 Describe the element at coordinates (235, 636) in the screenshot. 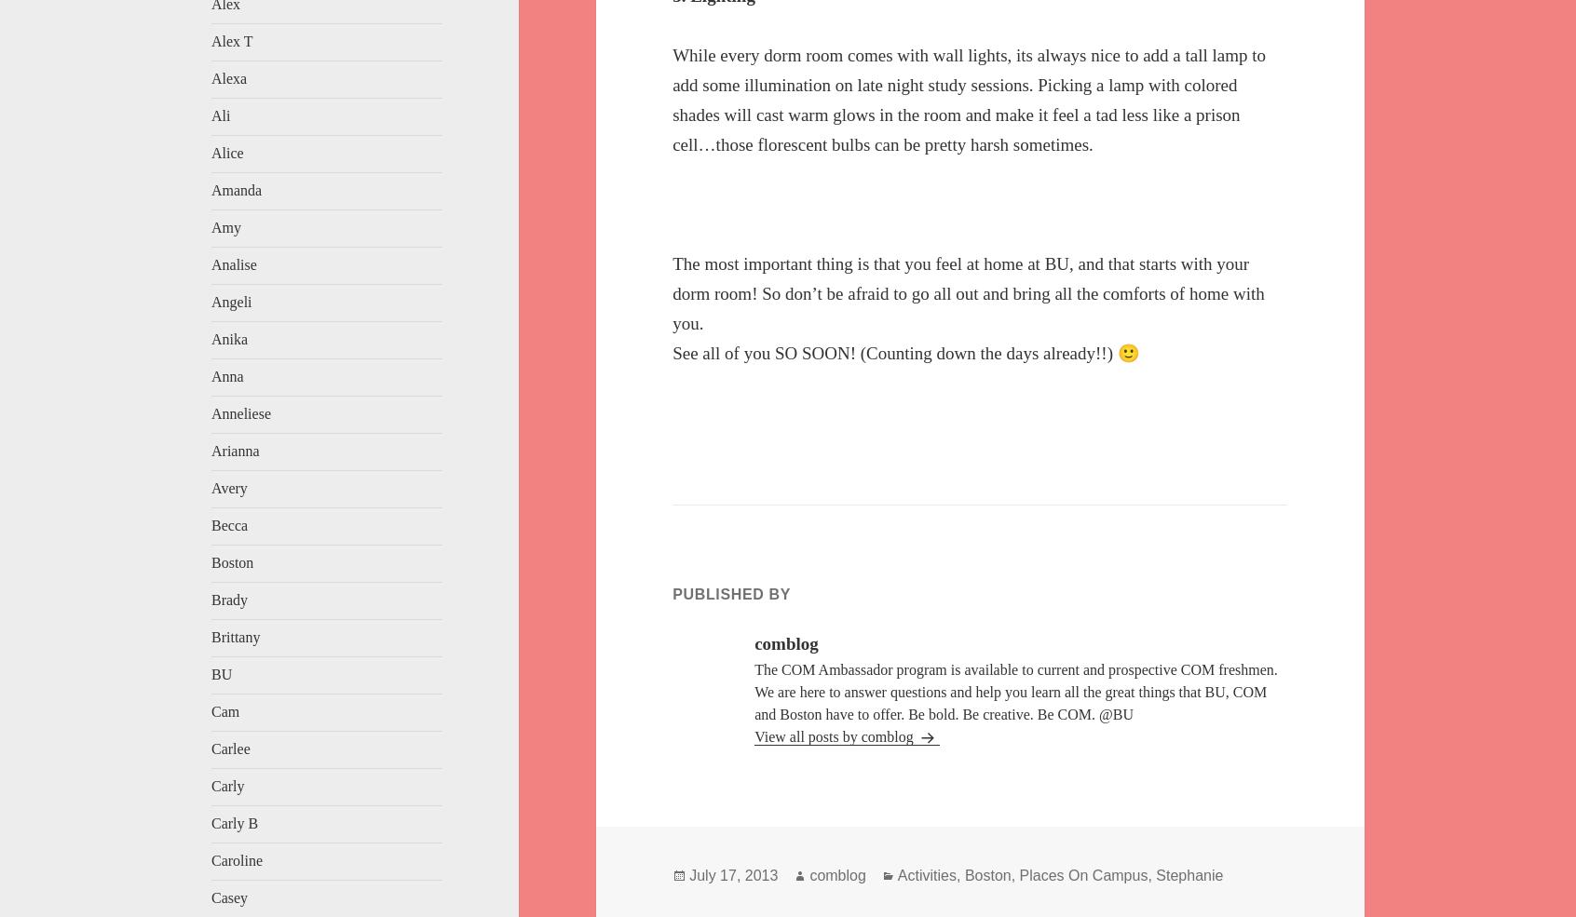

I see `'Brittany'` at that location.